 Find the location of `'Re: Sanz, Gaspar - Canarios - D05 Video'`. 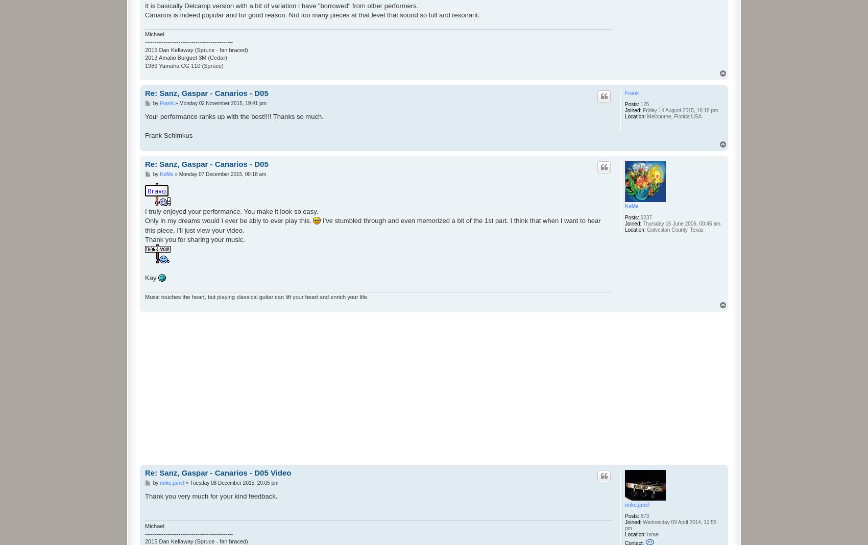

'Re: Sanz, Gaspar - Canarios - D05 Video' is located at coordinates (218, 472).